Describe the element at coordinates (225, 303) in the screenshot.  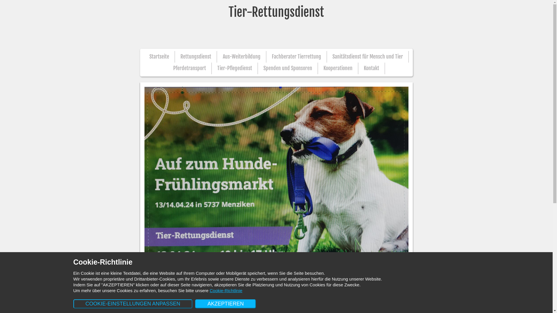
I see `'AKZEPTIEREN'` at that location.